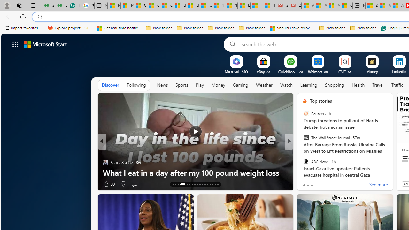 This screenshot has height=230, width=409. Describe the element at coordinates (399, 71) in the screenshot. I see `'LinkedIn'` at that location.